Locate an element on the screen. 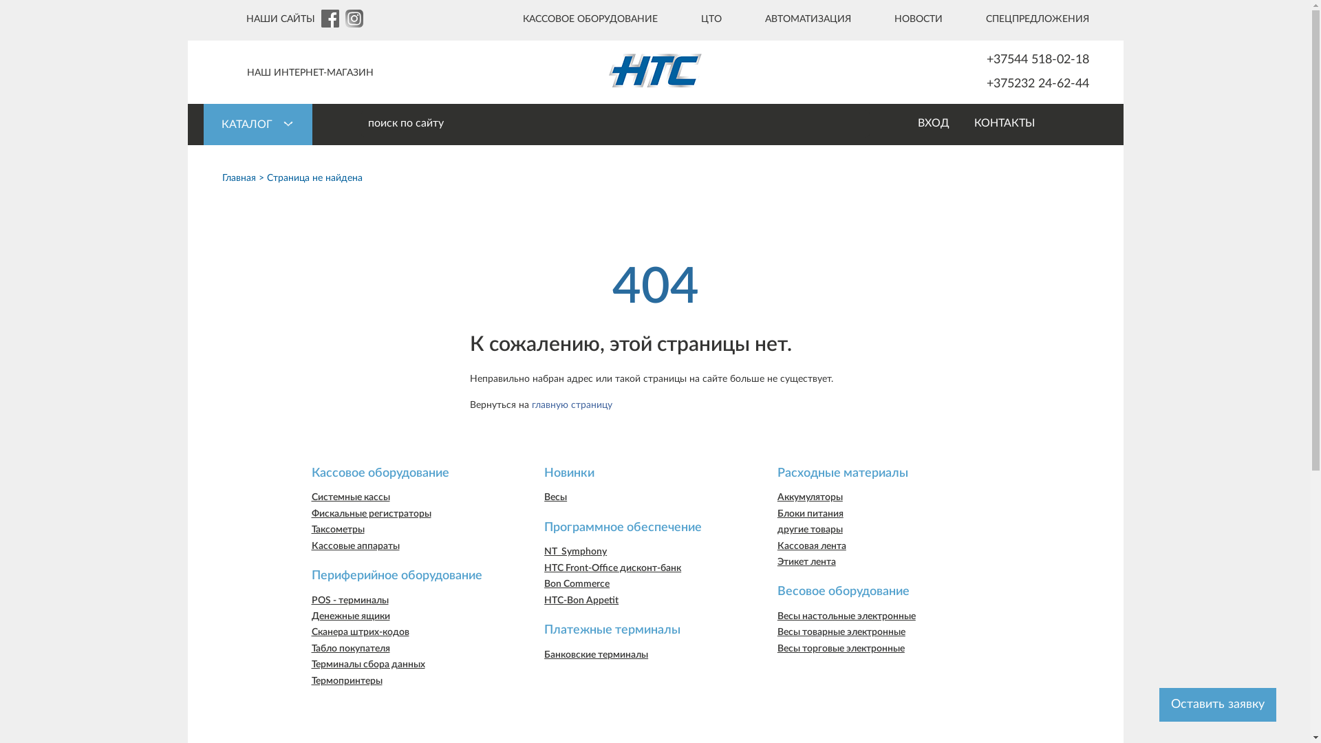 The height and width of the screenshot is (743, 1321). 'Bon Commerce' is located at coordinates (544, 583).